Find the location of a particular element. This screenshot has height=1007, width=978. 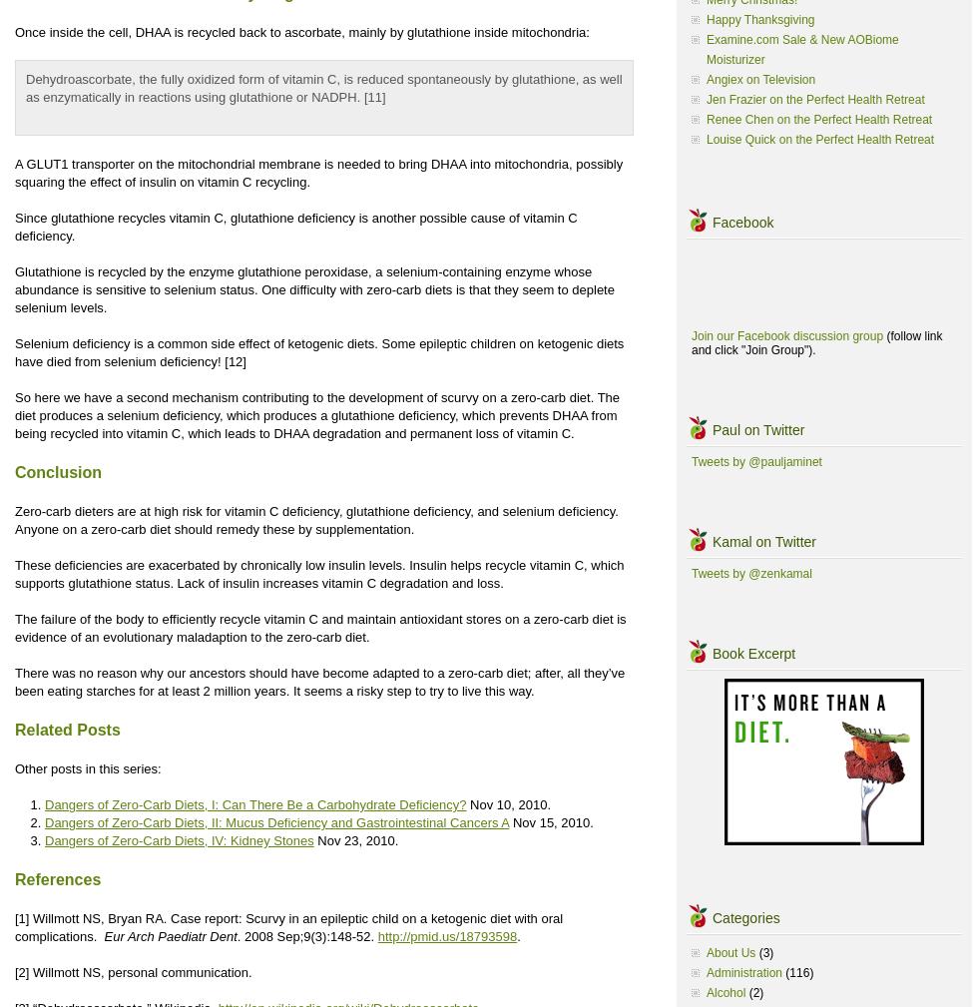

'Facebook' is located at coordinates (713, 221).